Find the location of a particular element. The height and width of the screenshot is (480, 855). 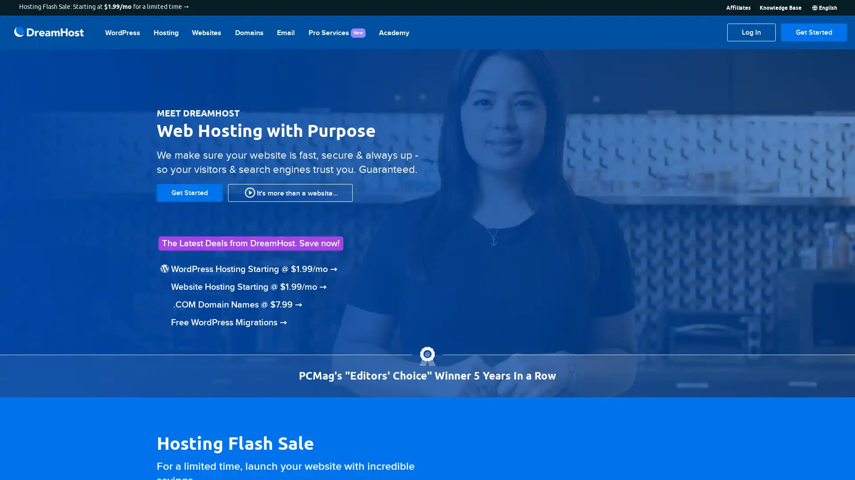

Get Started is located at coordinates (189, 192).